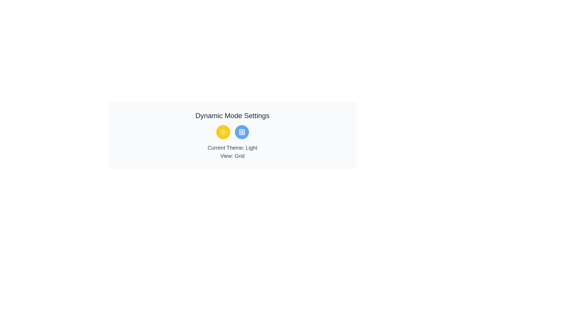 This screenshot has width=561, height=315. What do you see at coordinates (242, 132) in the screenshot?
I see `the blue rectangular component with rounded corners located in the top-left corner of the grid icon, which is positioned to the right of the theme selector icon and below the 'Dynamic Mode Settings' text` at bounding box center [242, 132].